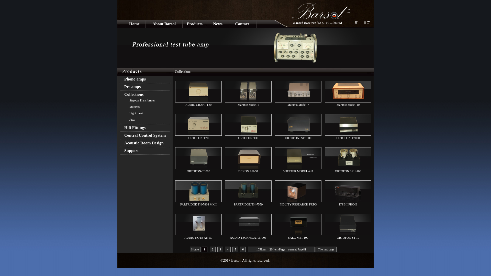  Describe the element at coordinates (348, 237) in the screenshot. I see `'ORTOFON ST-10'` at that location.